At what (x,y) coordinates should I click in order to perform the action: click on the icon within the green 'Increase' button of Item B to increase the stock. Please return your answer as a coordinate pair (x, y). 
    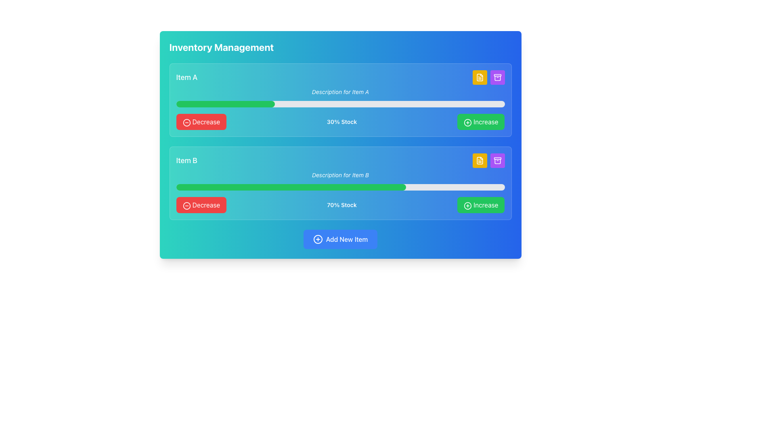
    Looking at the image, I should click on (467, 205).